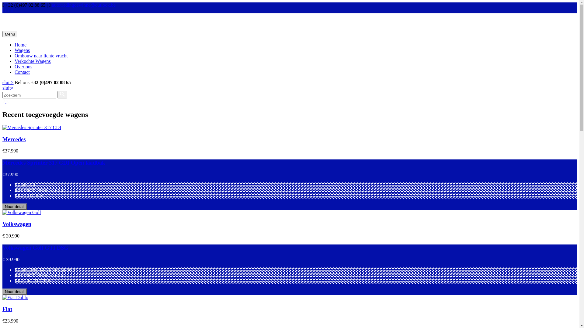  What do you see at coordinates (31, 127) in the screenshot?
I see `' Mercedes   Sprinter 317 CDI'` at bounding box center [31, 127].